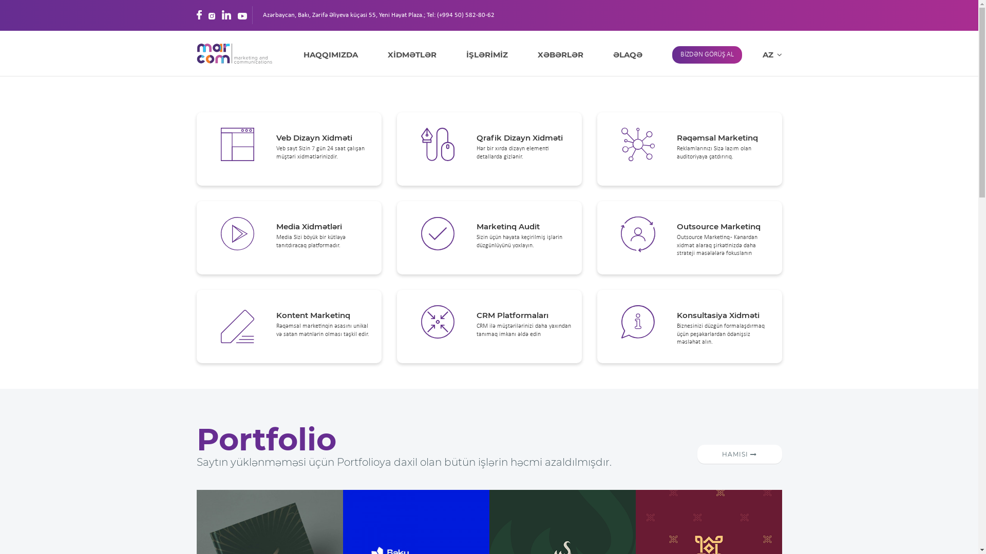 The image size is (986, 554). What do you see at coordinates (199, 15) in the screenshot?
I see `'facebook'` at bounding box center [199, 15].